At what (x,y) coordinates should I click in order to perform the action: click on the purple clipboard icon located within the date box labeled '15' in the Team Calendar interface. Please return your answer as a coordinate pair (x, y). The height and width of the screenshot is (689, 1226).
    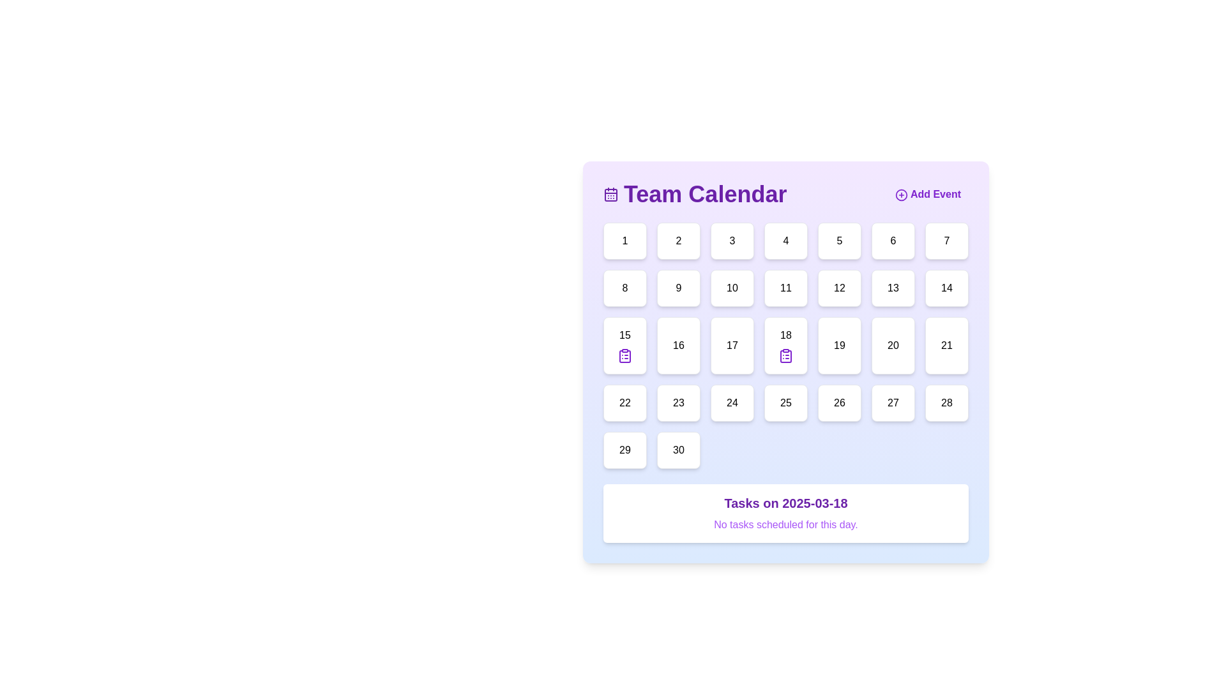
    Looking at the image, I should click on (625, 356).